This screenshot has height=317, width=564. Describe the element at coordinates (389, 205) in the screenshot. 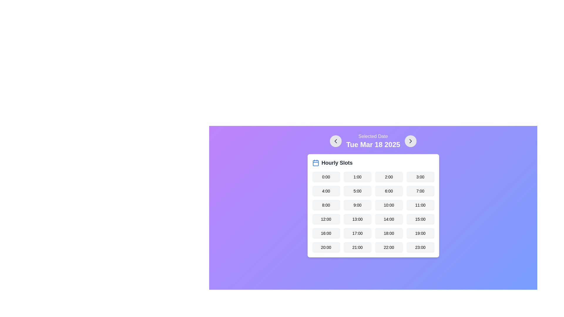

I see `the button labeled '10:00' in the Hourly Slots section` at that location.